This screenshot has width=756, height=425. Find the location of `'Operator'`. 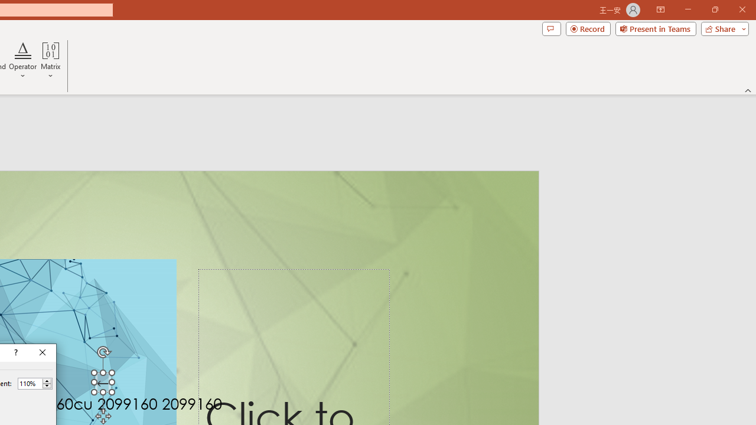

'Operator' is located at coordinates (23, 61).